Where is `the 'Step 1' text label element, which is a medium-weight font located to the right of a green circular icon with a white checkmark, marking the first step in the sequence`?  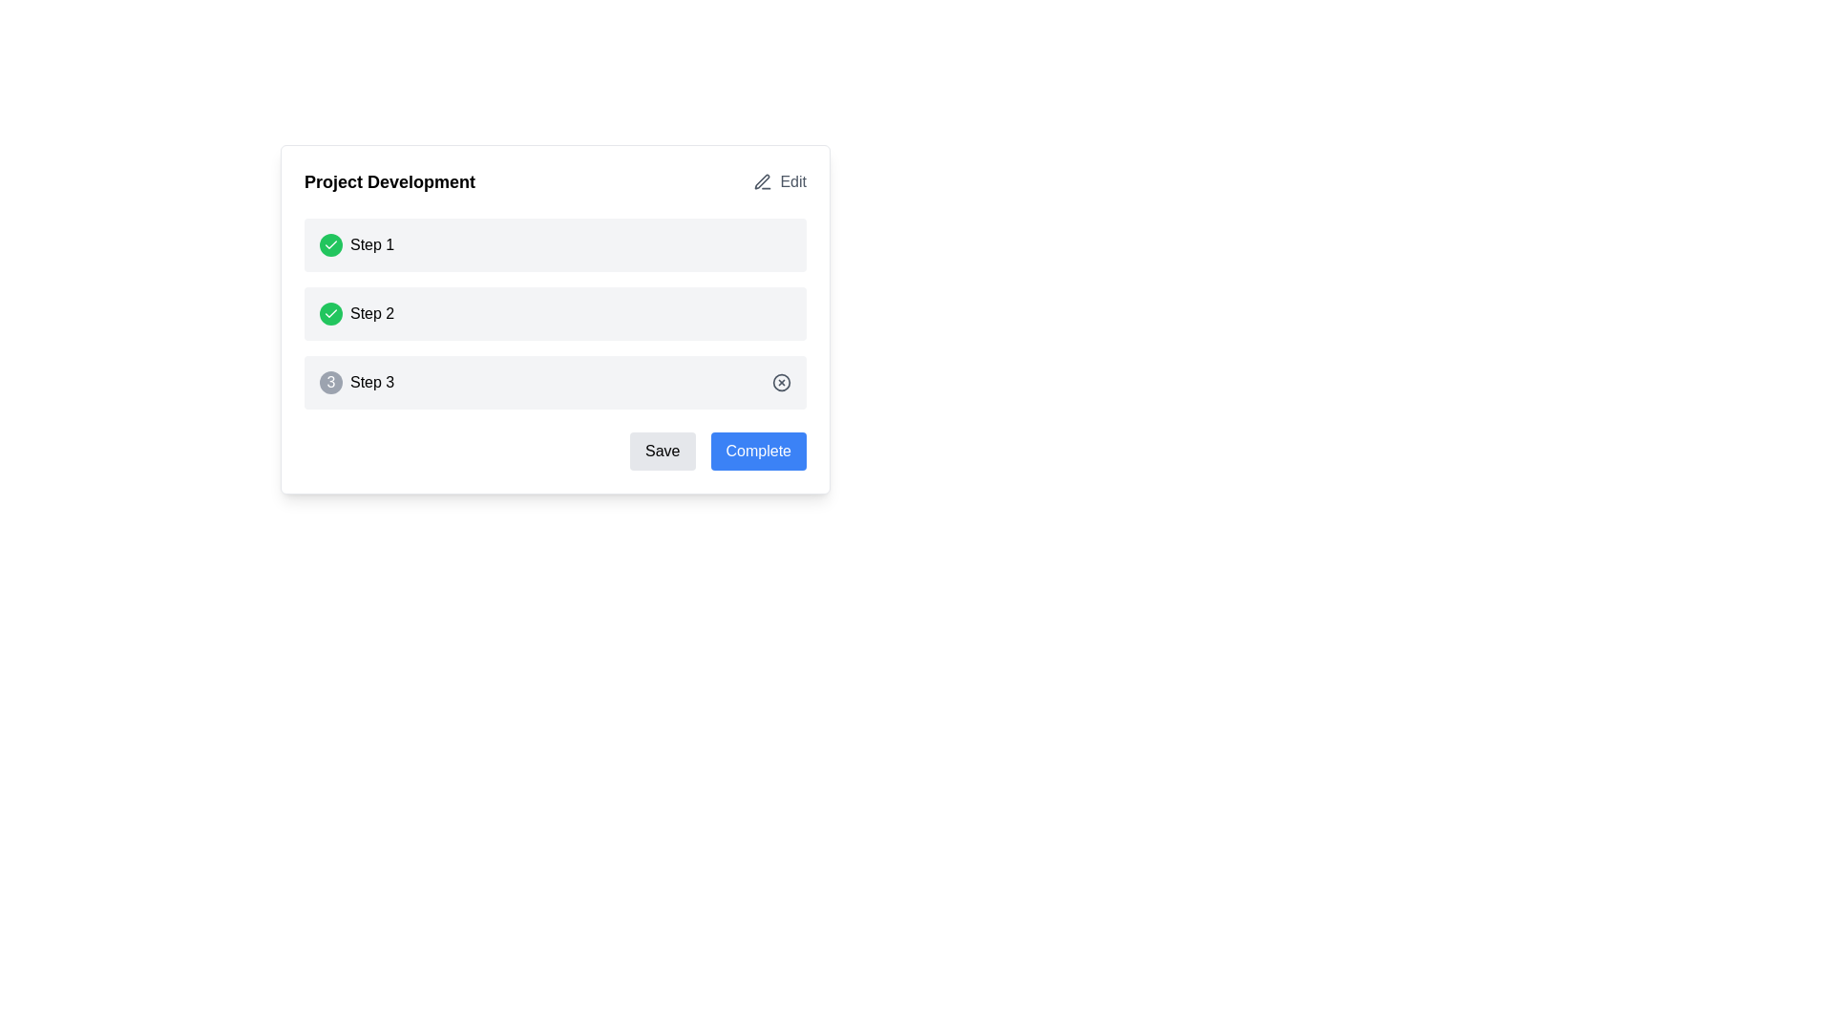
the 'Step 1' text label element, which is a medium-weight font located to the right of a green circular icon with a white checkmark, marking the first step in the sequence is located at coordinates (372, 244).